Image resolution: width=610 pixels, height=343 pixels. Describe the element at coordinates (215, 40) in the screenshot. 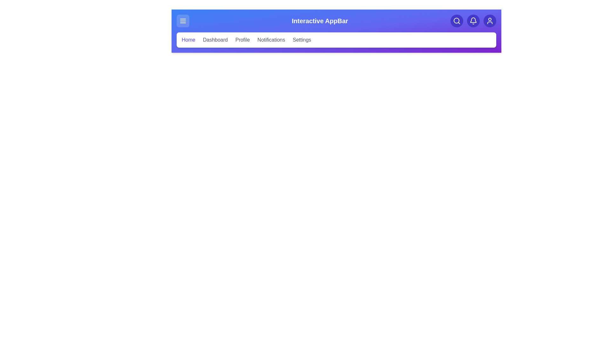

I see `the category Dashboard to navigate` at that location.